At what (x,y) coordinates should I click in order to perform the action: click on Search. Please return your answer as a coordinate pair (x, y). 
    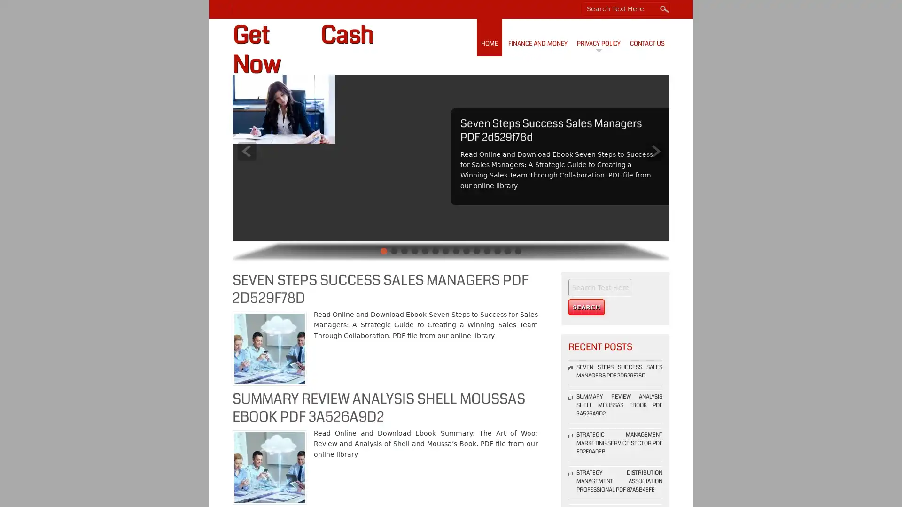
    Looking at the image, I should click on (586, 307).